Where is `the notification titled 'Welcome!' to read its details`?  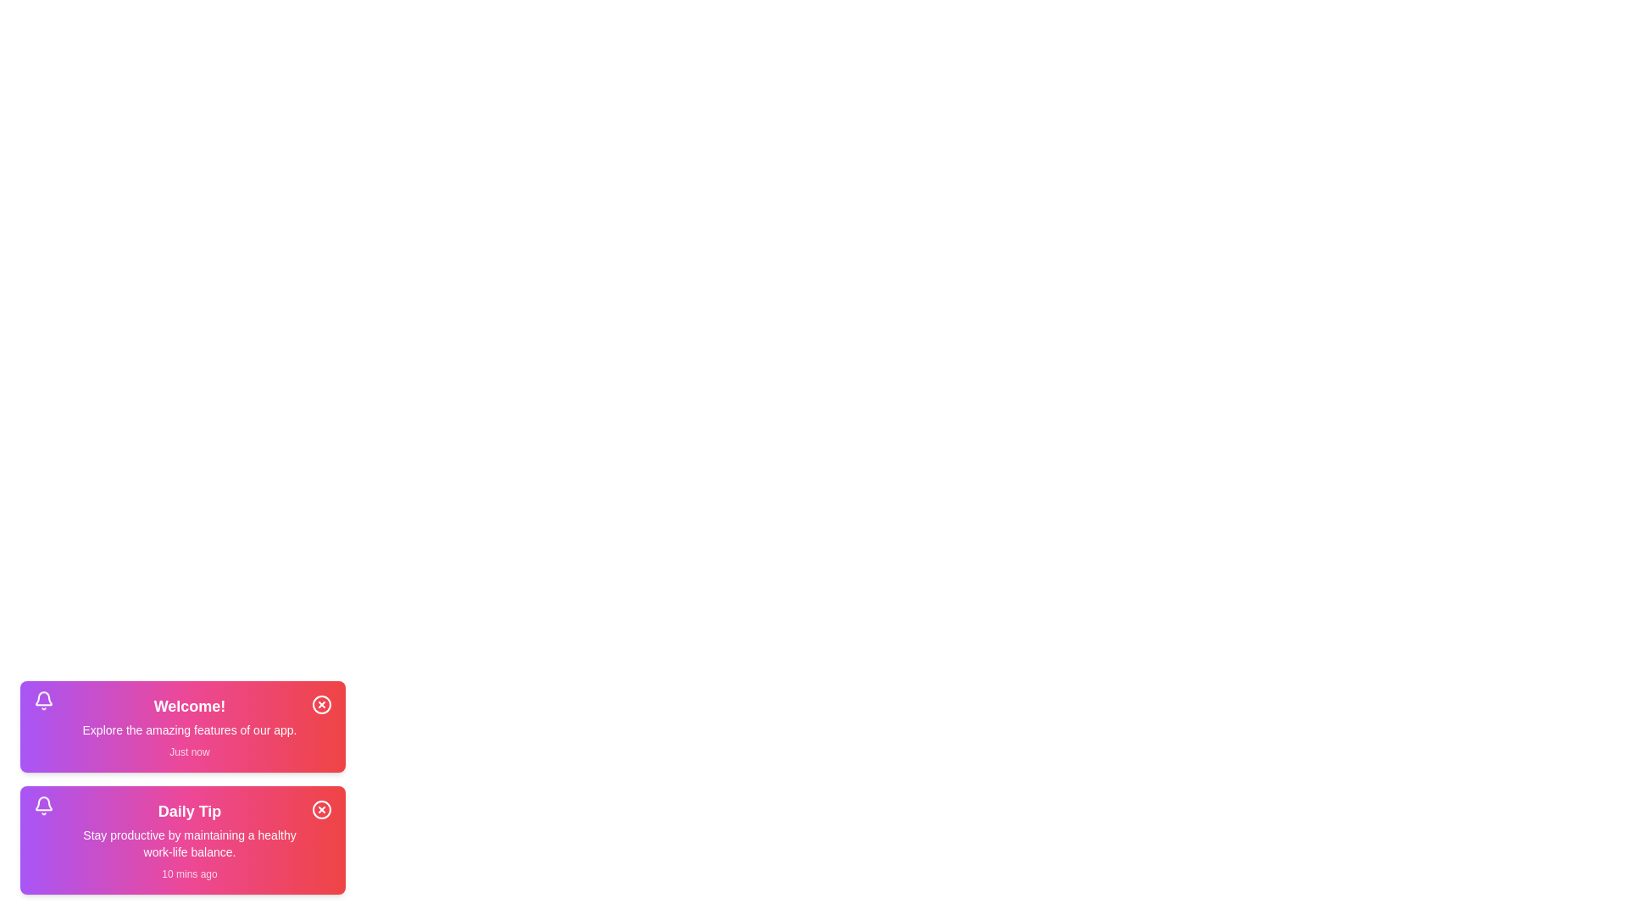
the notification titled 'Welcome!' to read its details is located at coordinates (183, 725).